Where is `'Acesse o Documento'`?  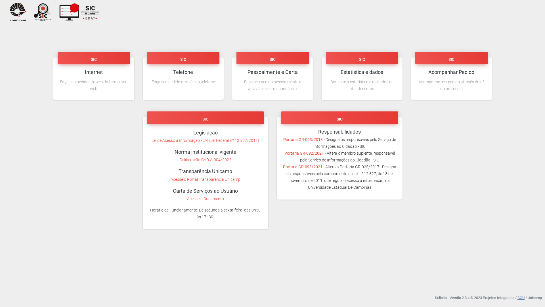
'Acesse o Documento' is located at coordinates (205, 198).